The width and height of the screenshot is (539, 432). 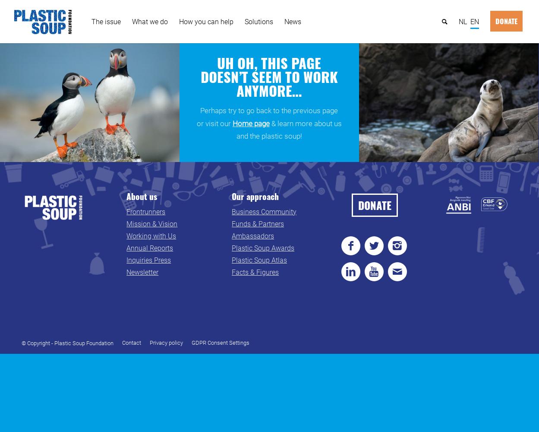 What do you see at coordinates (214, 123) in the screenshot?
I see `'or visit our'` at bounding box center [214, 123].